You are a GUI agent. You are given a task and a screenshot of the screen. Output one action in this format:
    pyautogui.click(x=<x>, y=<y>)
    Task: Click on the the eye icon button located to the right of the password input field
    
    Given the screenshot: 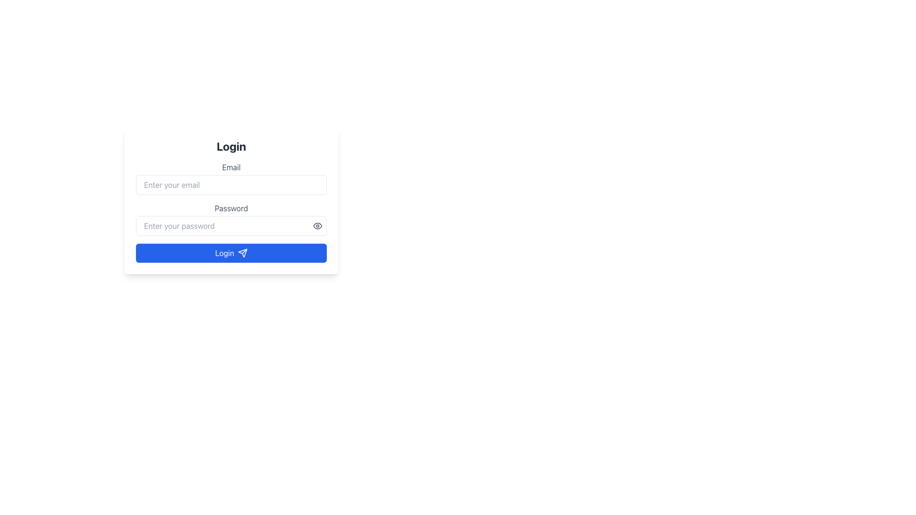 What is the action you would take?
    pyautogui.click(x=318, y=226)
    